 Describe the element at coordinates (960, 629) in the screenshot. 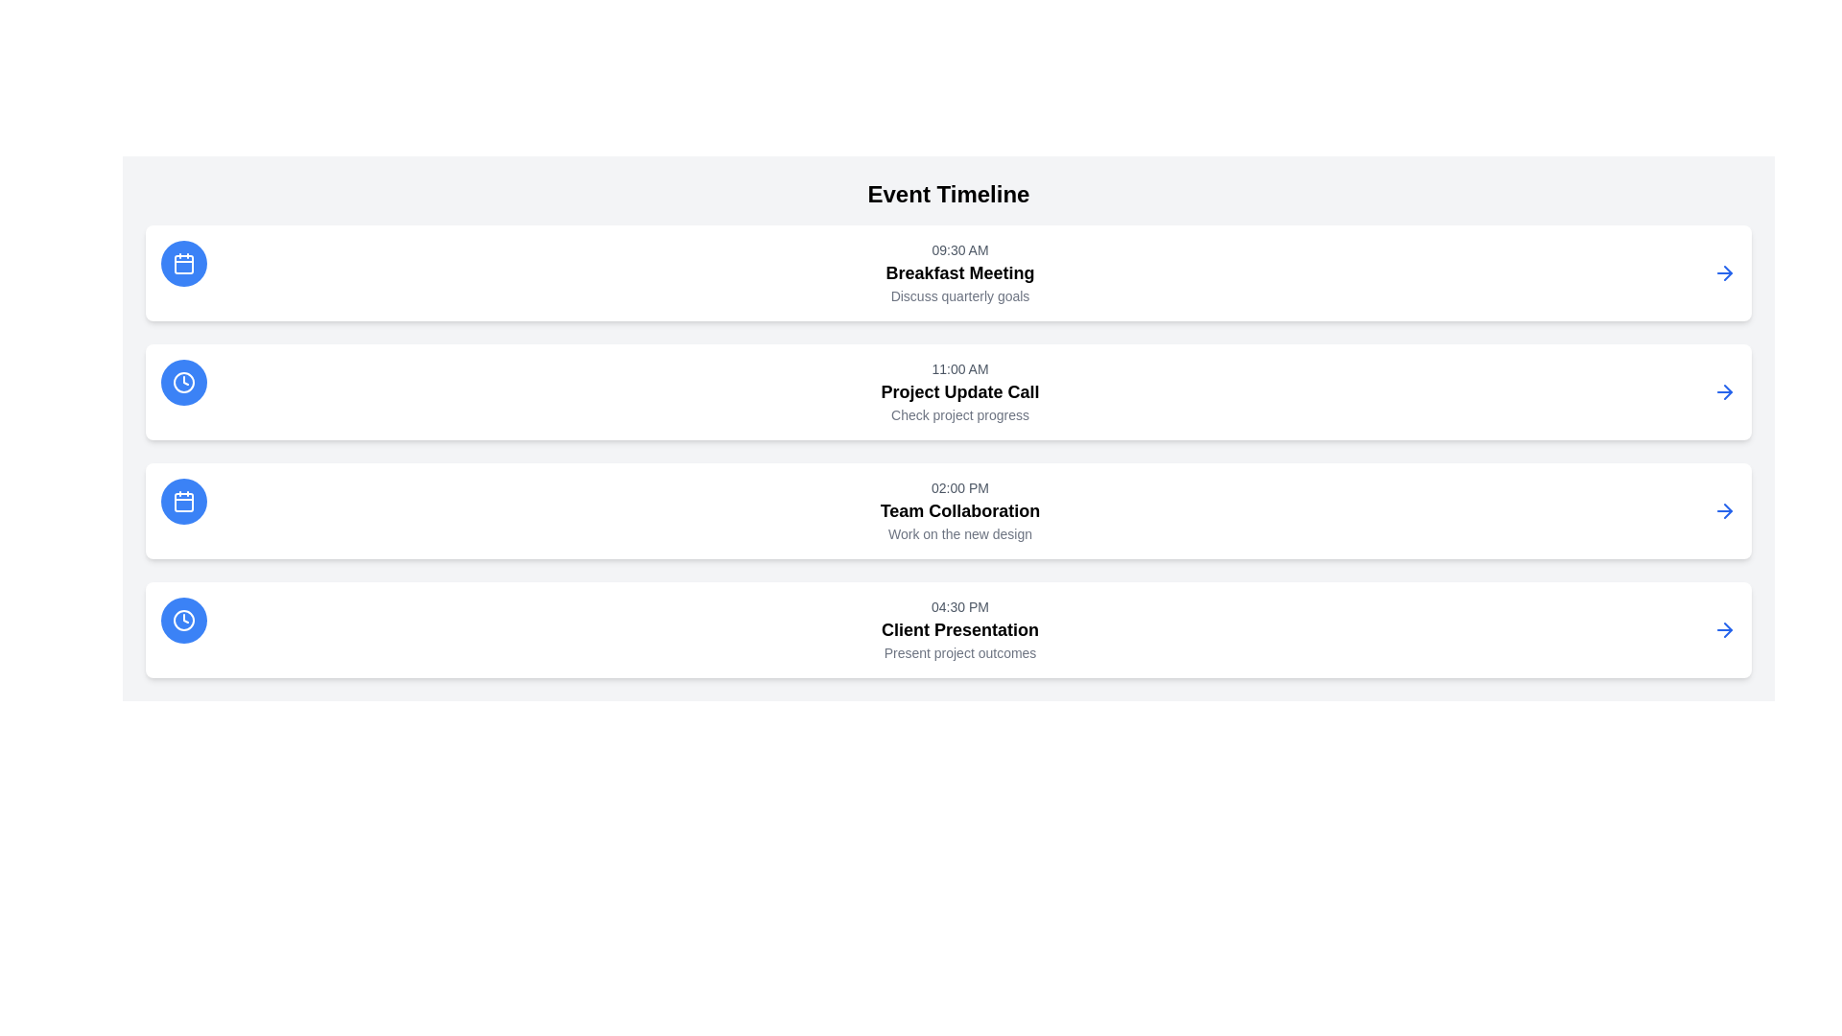

I see `the descriptive text block displaying the timestamp, title, and descriptive text, which is part of the fourth event item in a vertical timeline layout` at that location.